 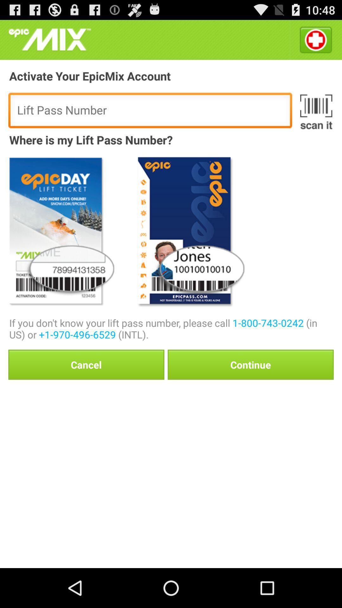 I want to click on item below the if you don item, so click(x=86, y=364).